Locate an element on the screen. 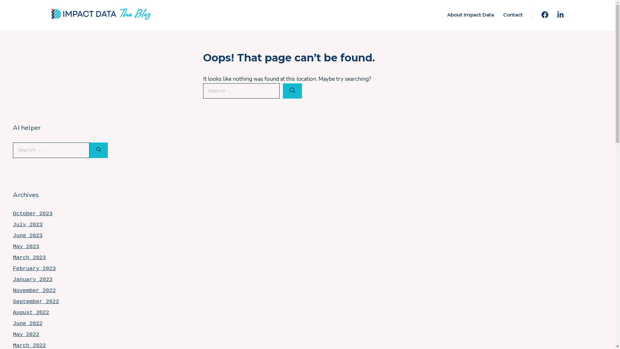 The width and height of the screenshot is (620, 349). 'September 2022' is located at coordinates (36, 301).